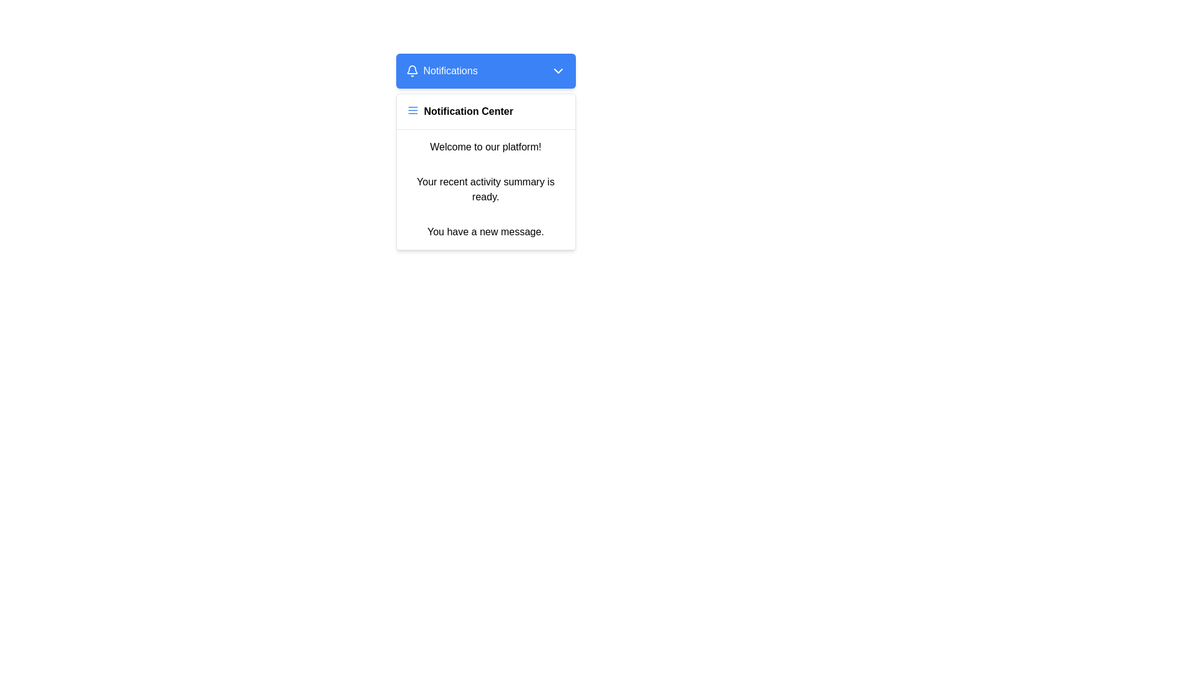  What do you see at coordinates (450, 71) in the screenshot?
I see `the 'Notifications' label, which is a bold white text on a blue background` at bounding box center [450, 71].